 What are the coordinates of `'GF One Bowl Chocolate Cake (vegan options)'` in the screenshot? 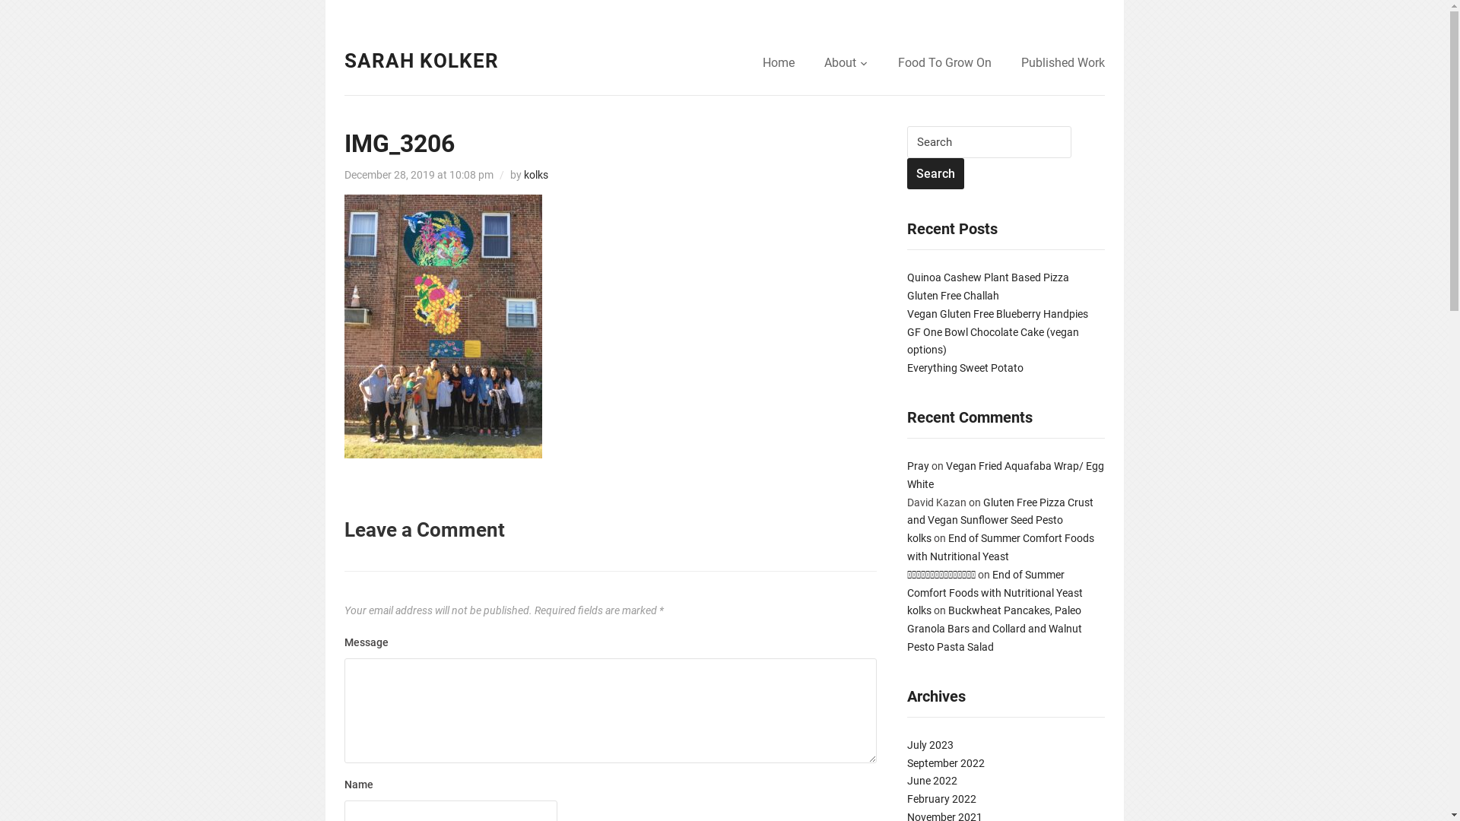 It's located at (992, 340).